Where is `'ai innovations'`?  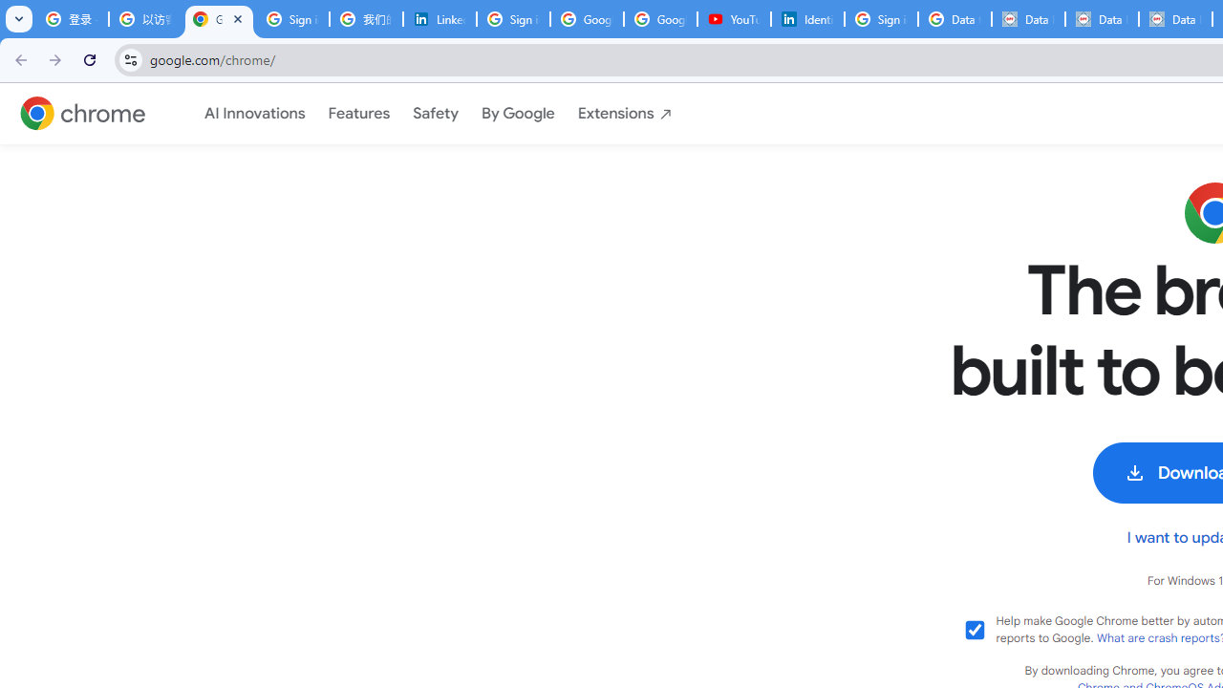
'ai innovations' is located at coordinates (253, 114).